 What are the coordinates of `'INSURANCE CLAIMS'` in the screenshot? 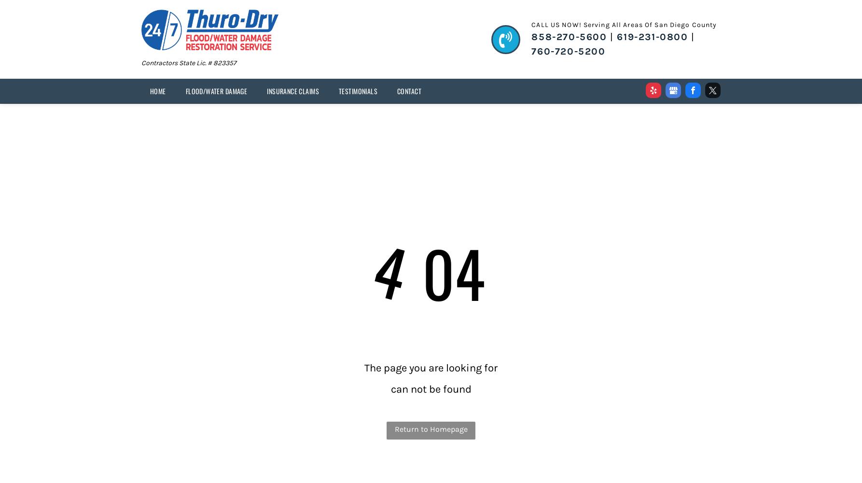 It's located at (292, 91).